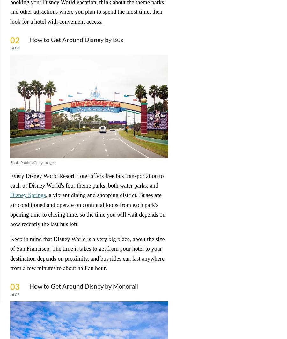 This screenshot has height=339, width=287. I want to click on ', a vibrant dining and shopping district. Buses are air conditioned and operate on continual loops from each park's opening time to closing time, so the time you will wait depends on how recently the last bus left.', so click(87, 209).